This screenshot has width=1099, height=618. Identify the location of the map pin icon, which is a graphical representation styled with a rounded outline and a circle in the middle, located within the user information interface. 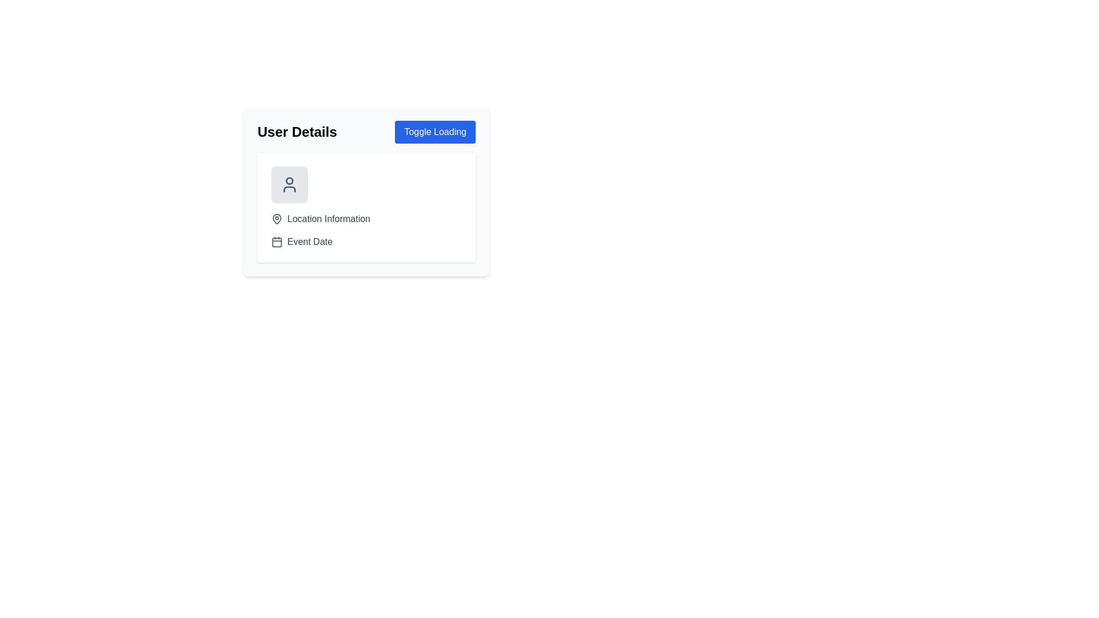
(277, 218).